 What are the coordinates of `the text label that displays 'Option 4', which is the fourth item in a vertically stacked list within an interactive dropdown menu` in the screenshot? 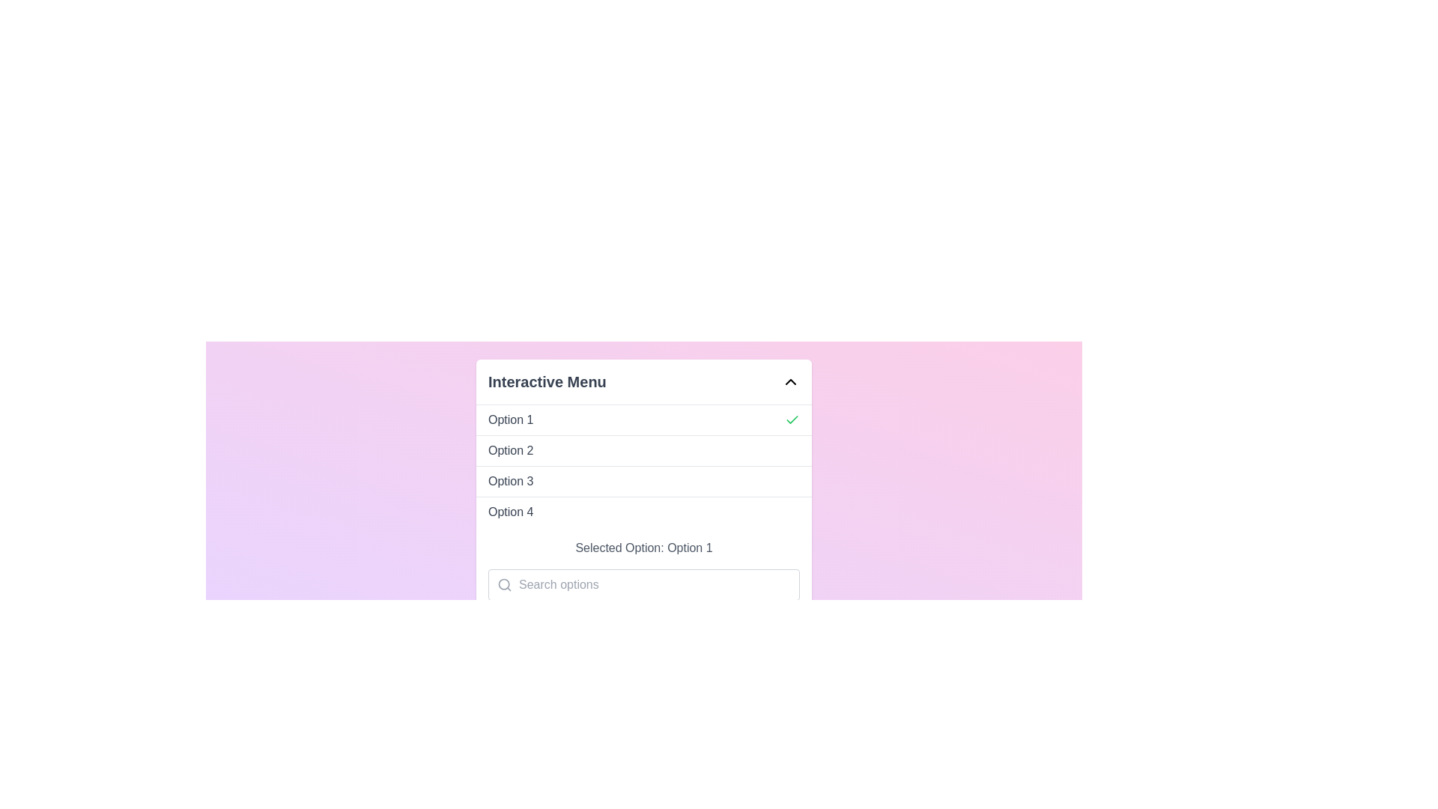 It's located at (511, 511).